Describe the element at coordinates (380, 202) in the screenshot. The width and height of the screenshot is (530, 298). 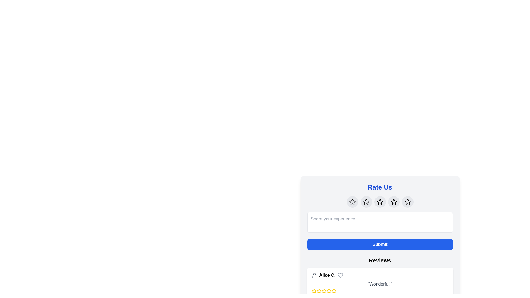
I see `the third rating star icon under the 'Rate Us' heading` at that location.